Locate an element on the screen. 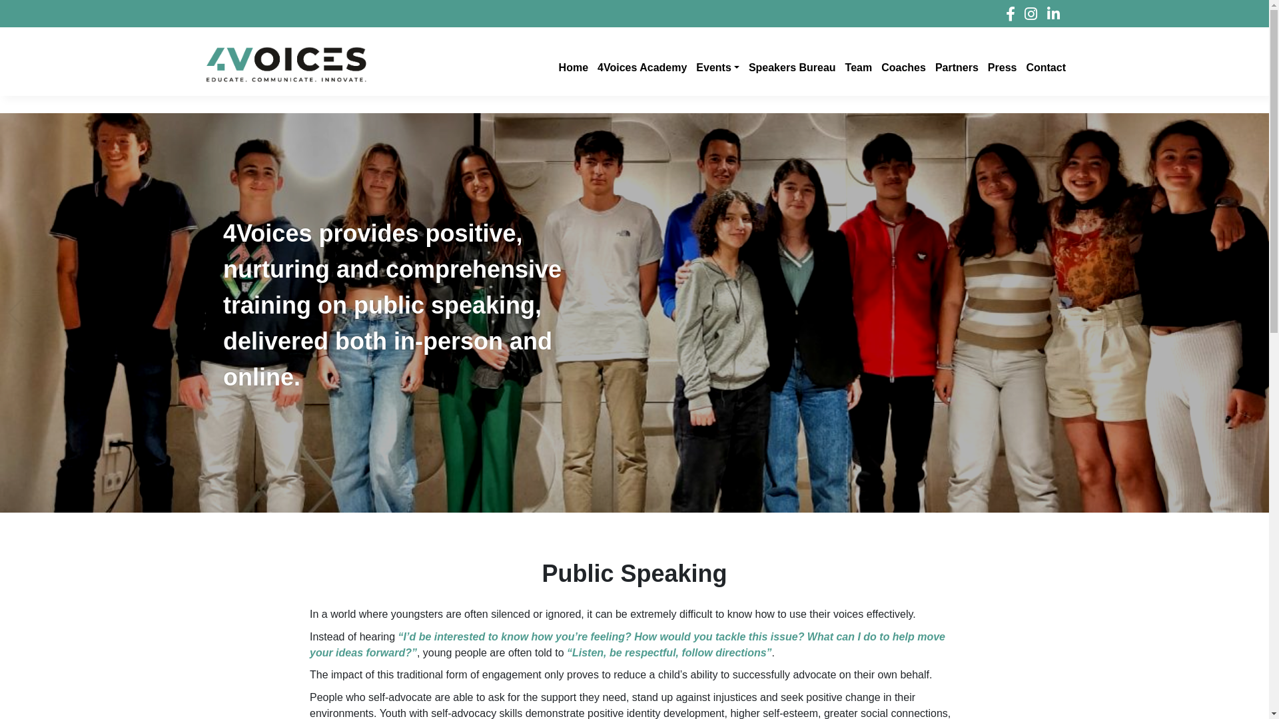 The image size is (1279, 719). '4Voices Academy' is located at coordinates (640, 65).